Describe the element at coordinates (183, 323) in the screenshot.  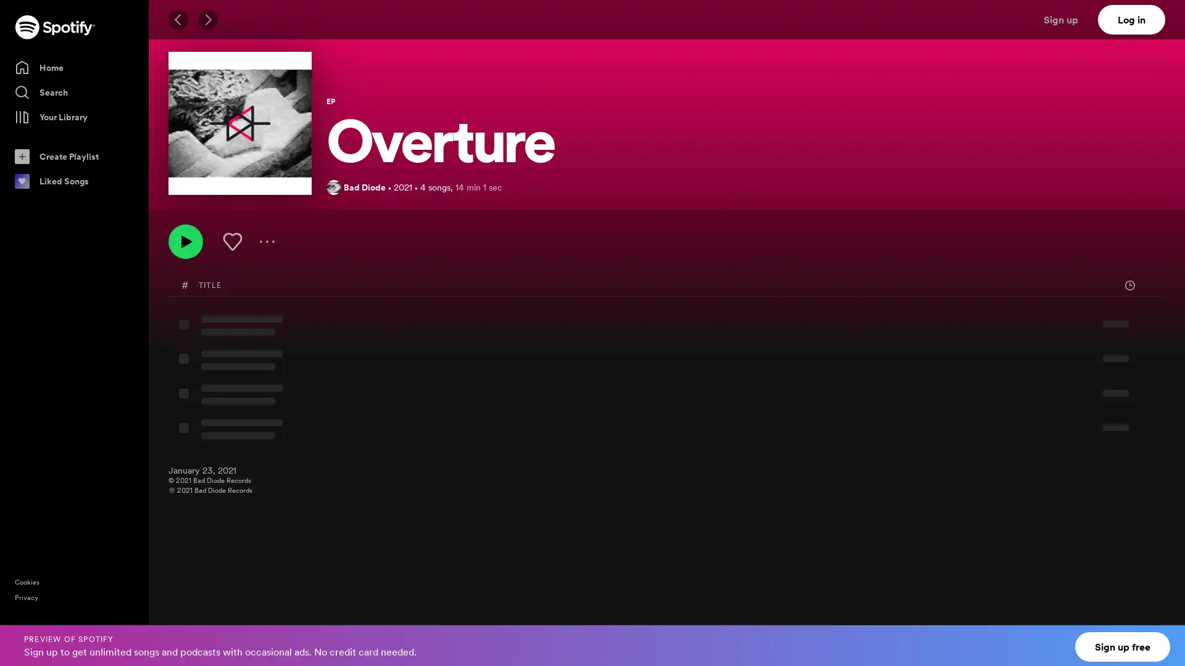
I see `Play A Night With the Wolves by Bad Diode` at that location.